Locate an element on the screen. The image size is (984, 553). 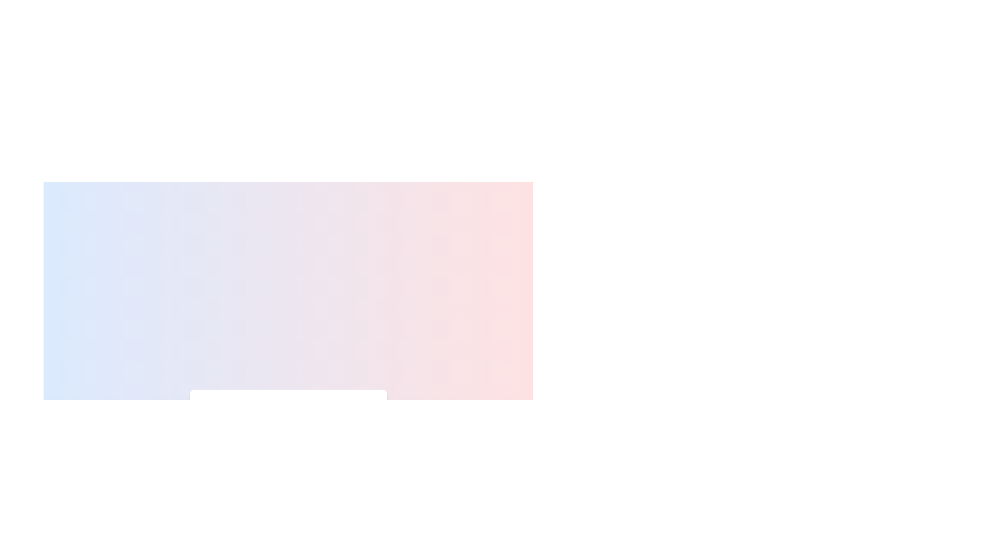
the temperature to 5°C using the slider is located at coordinates (210, 440).